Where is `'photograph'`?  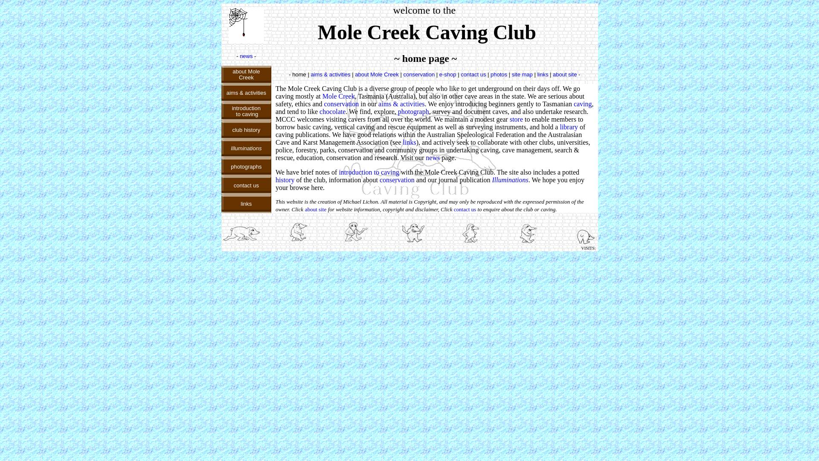
'photograph' is located at coordinates (413, 111).